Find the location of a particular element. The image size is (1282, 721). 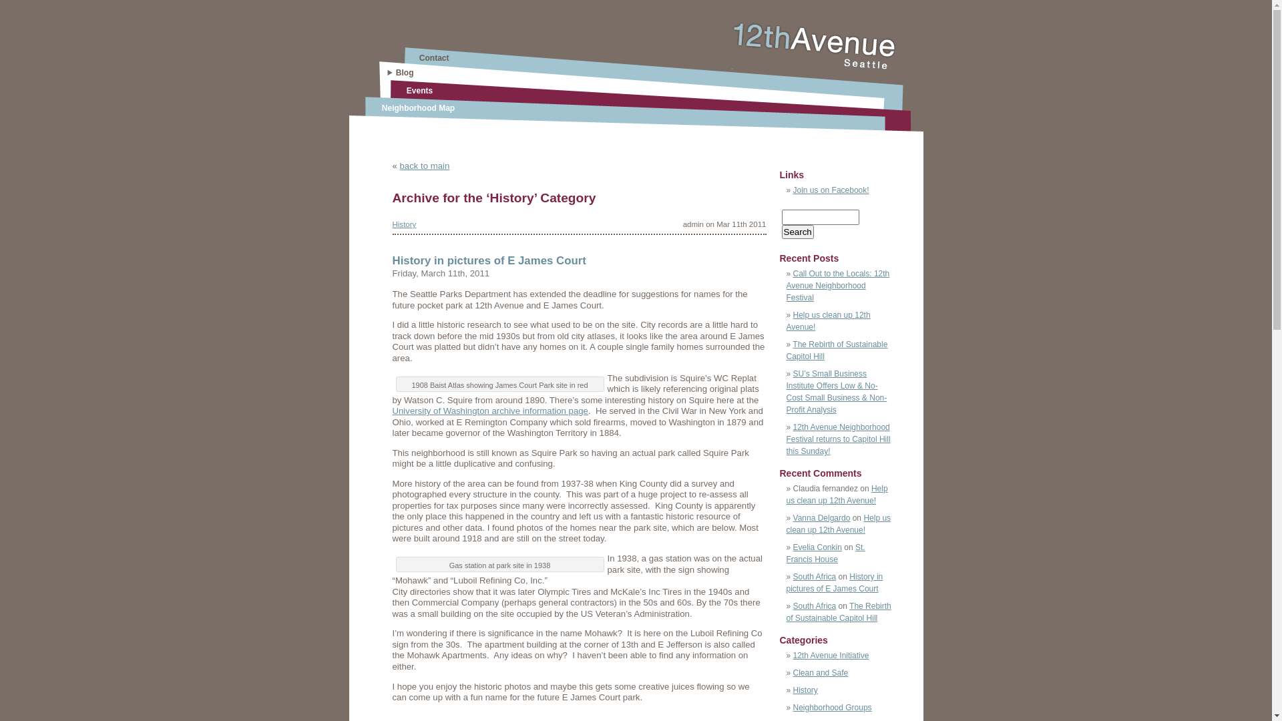

'Blog' is located at coordinates (404, 72).